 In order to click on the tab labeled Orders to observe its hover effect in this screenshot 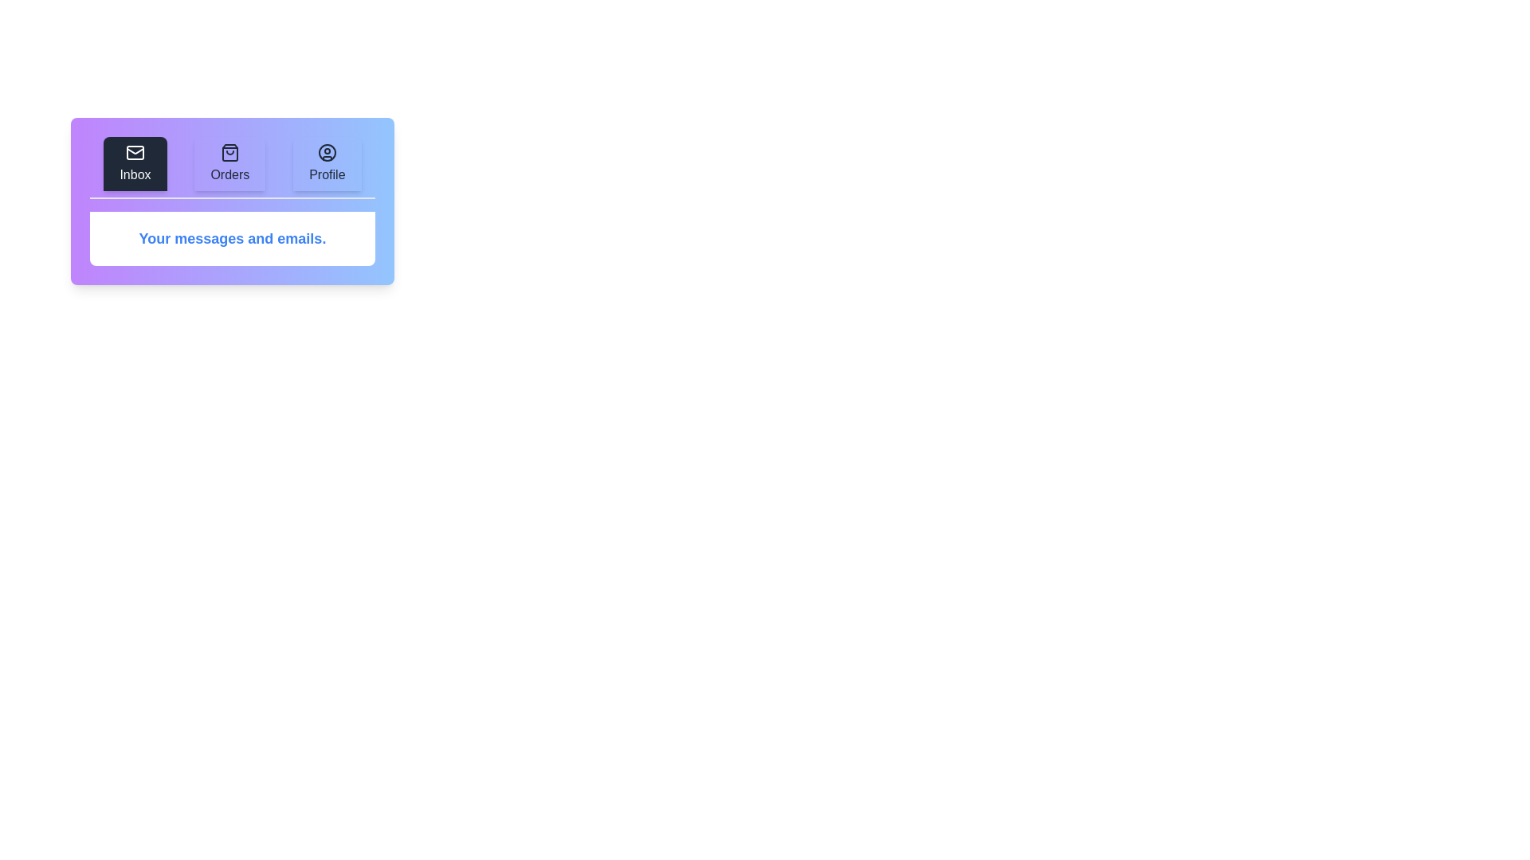, I will do `click(229, 163)`.